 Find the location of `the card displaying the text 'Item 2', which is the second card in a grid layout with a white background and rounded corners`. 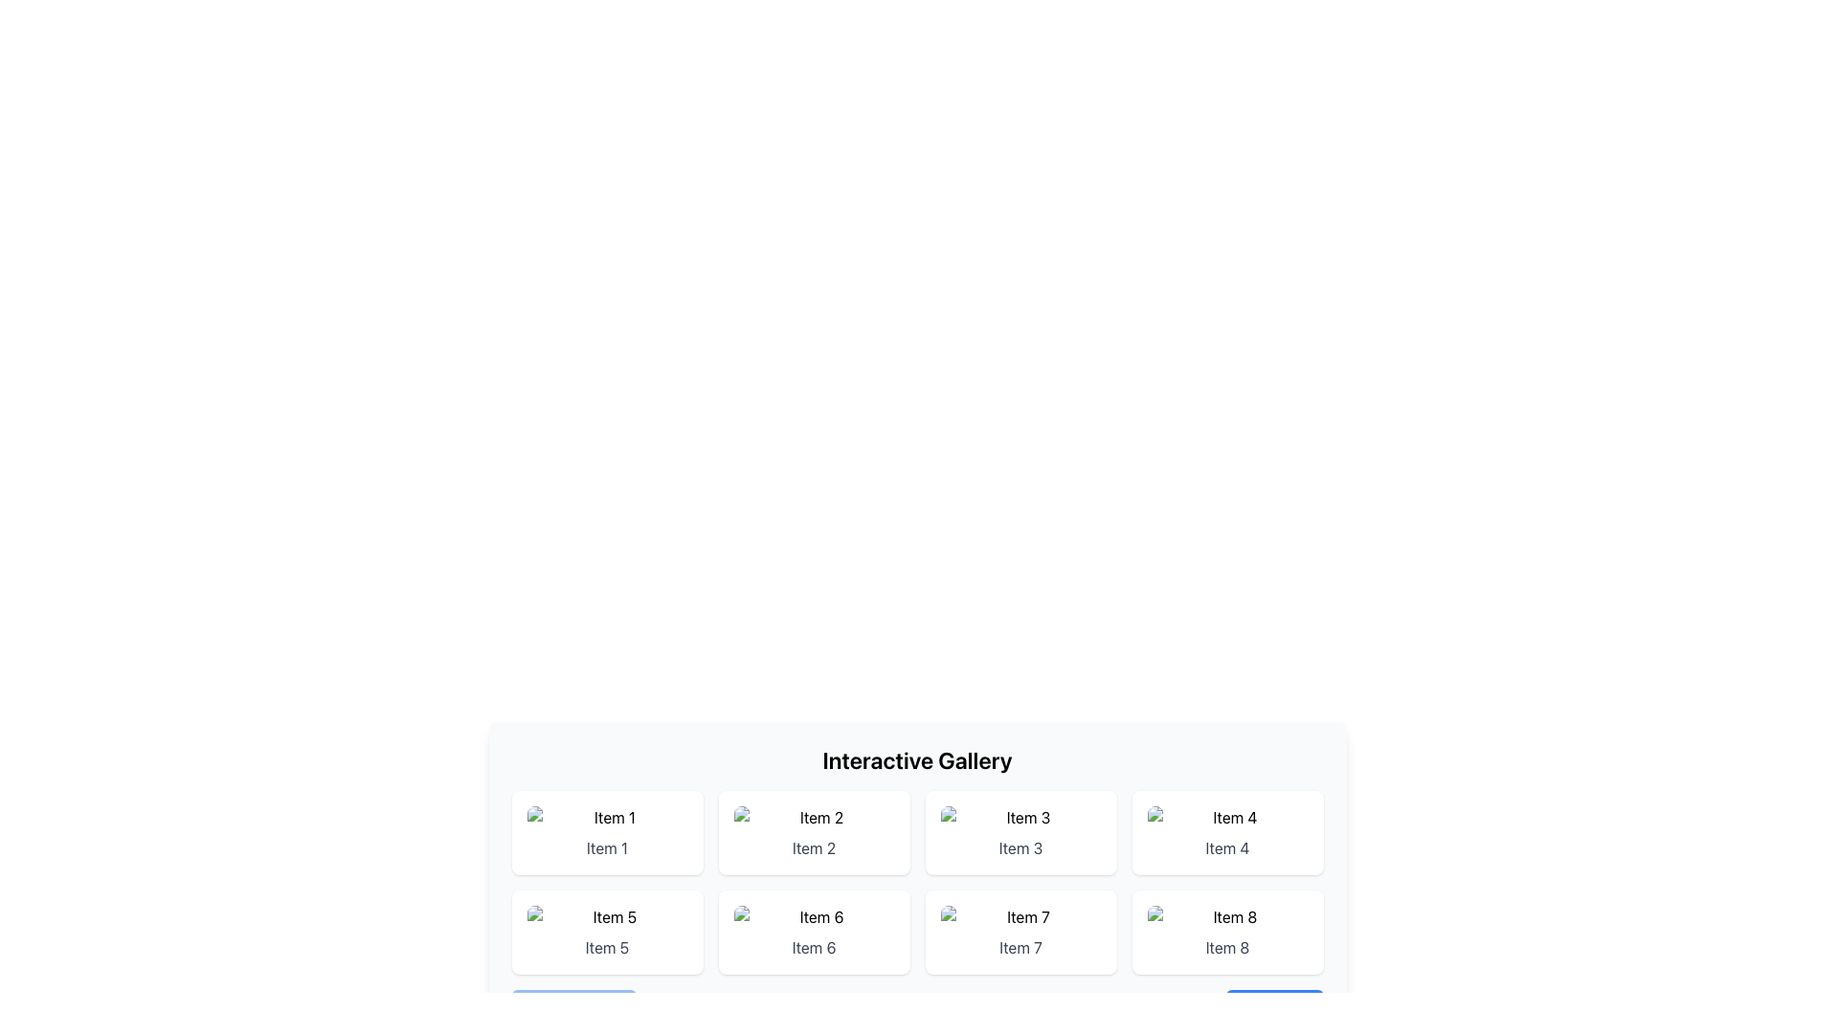

the card displaying the text 'Item 2', which is the second card in a grid layout with a white background and rounded corners is located at coordinates (814, 832).